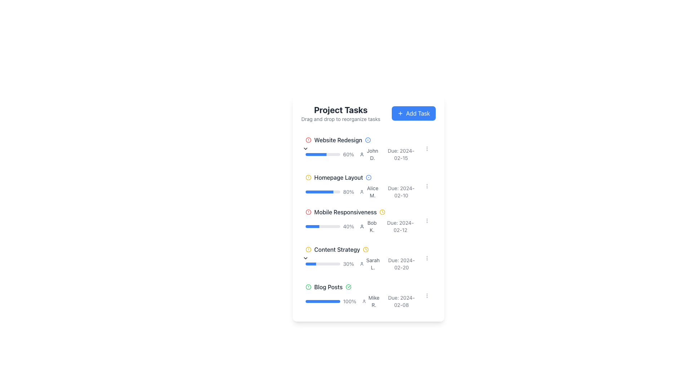 This screenshot has width=692, height=389. I want to click on the Drag Handle located on the left side of the 'Blog Posts' task entry to enable repositioning of the task within the list, so click(297, 296).